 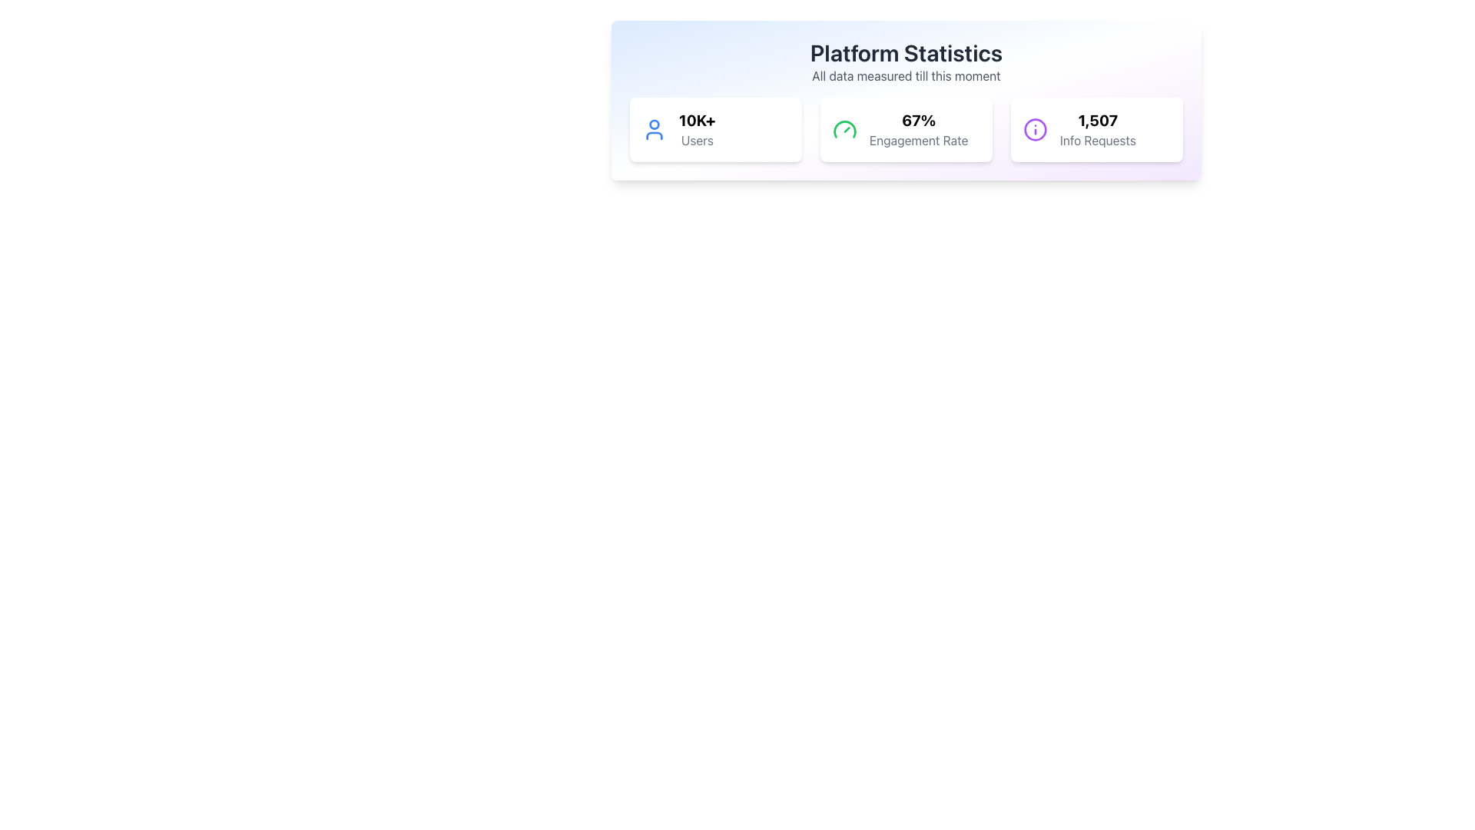 I want to click on the SVG circle element representing the head in the user icon located in the left-most card of the statistics panel, above the '10K+ Users' text, so click(x=654, y=124).